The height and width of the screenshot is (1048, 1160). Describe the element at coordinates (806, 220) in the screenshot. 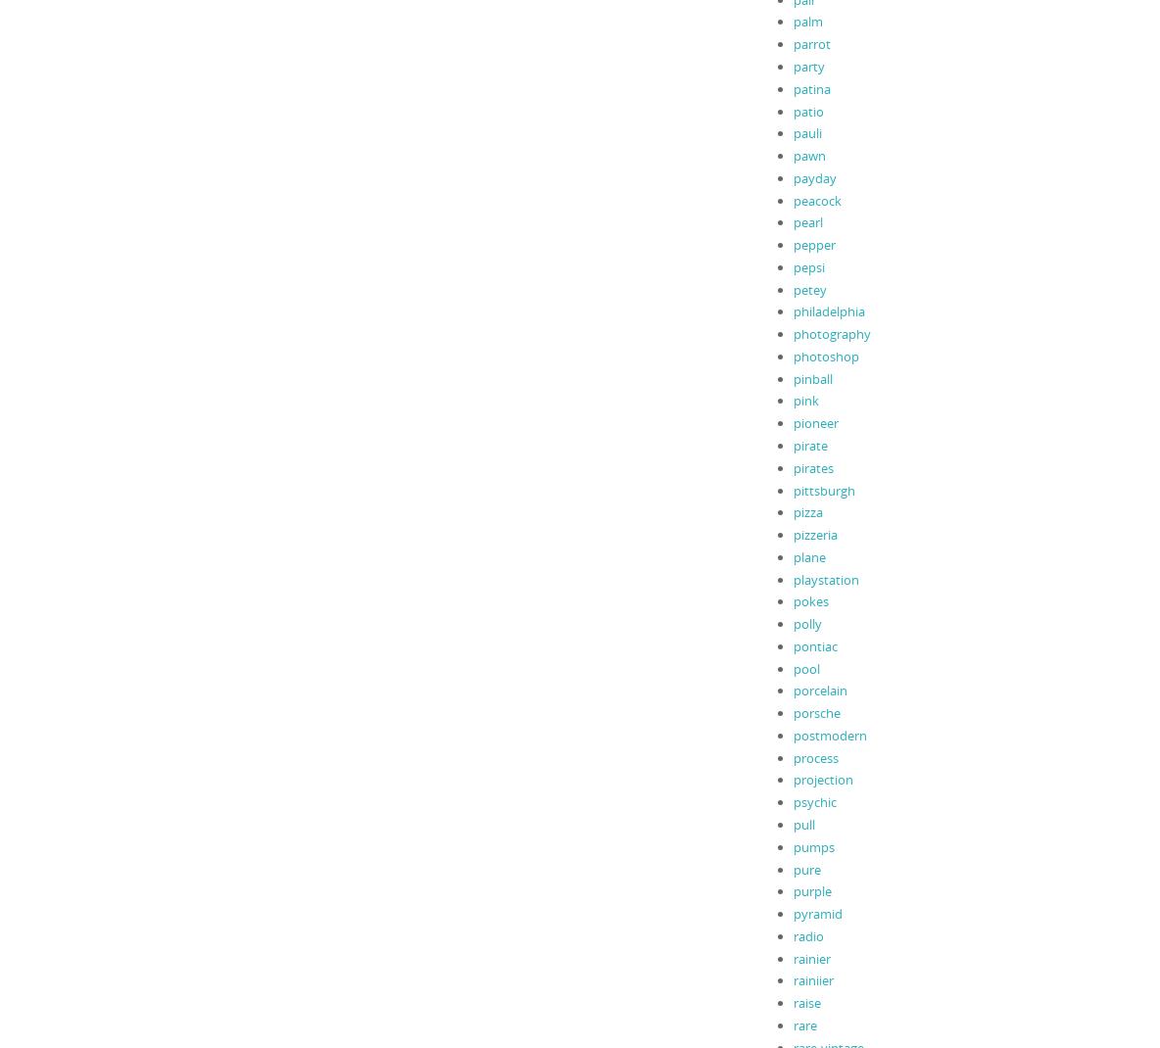

I see `'pearl'` at that location.